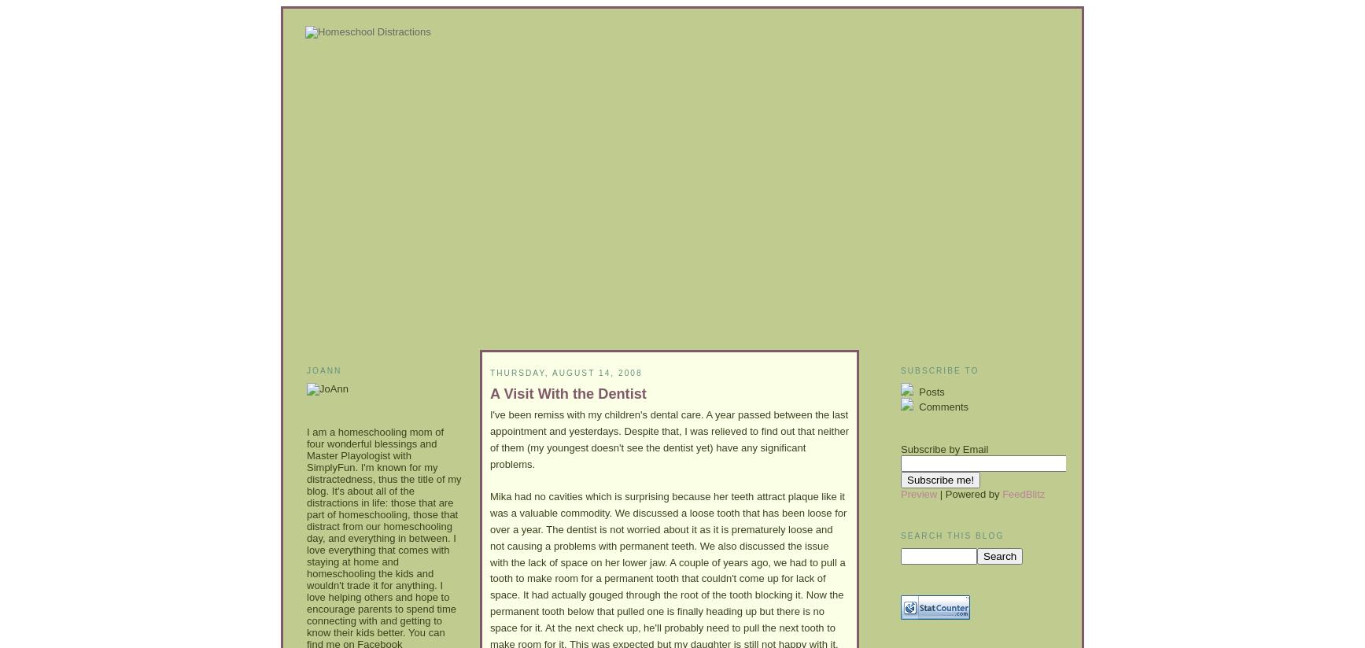 This screenshot has height=648, width=1365. Describe the element at coordinates (968, 492) in the screenshot. I see `'| Powered by'` at that location.